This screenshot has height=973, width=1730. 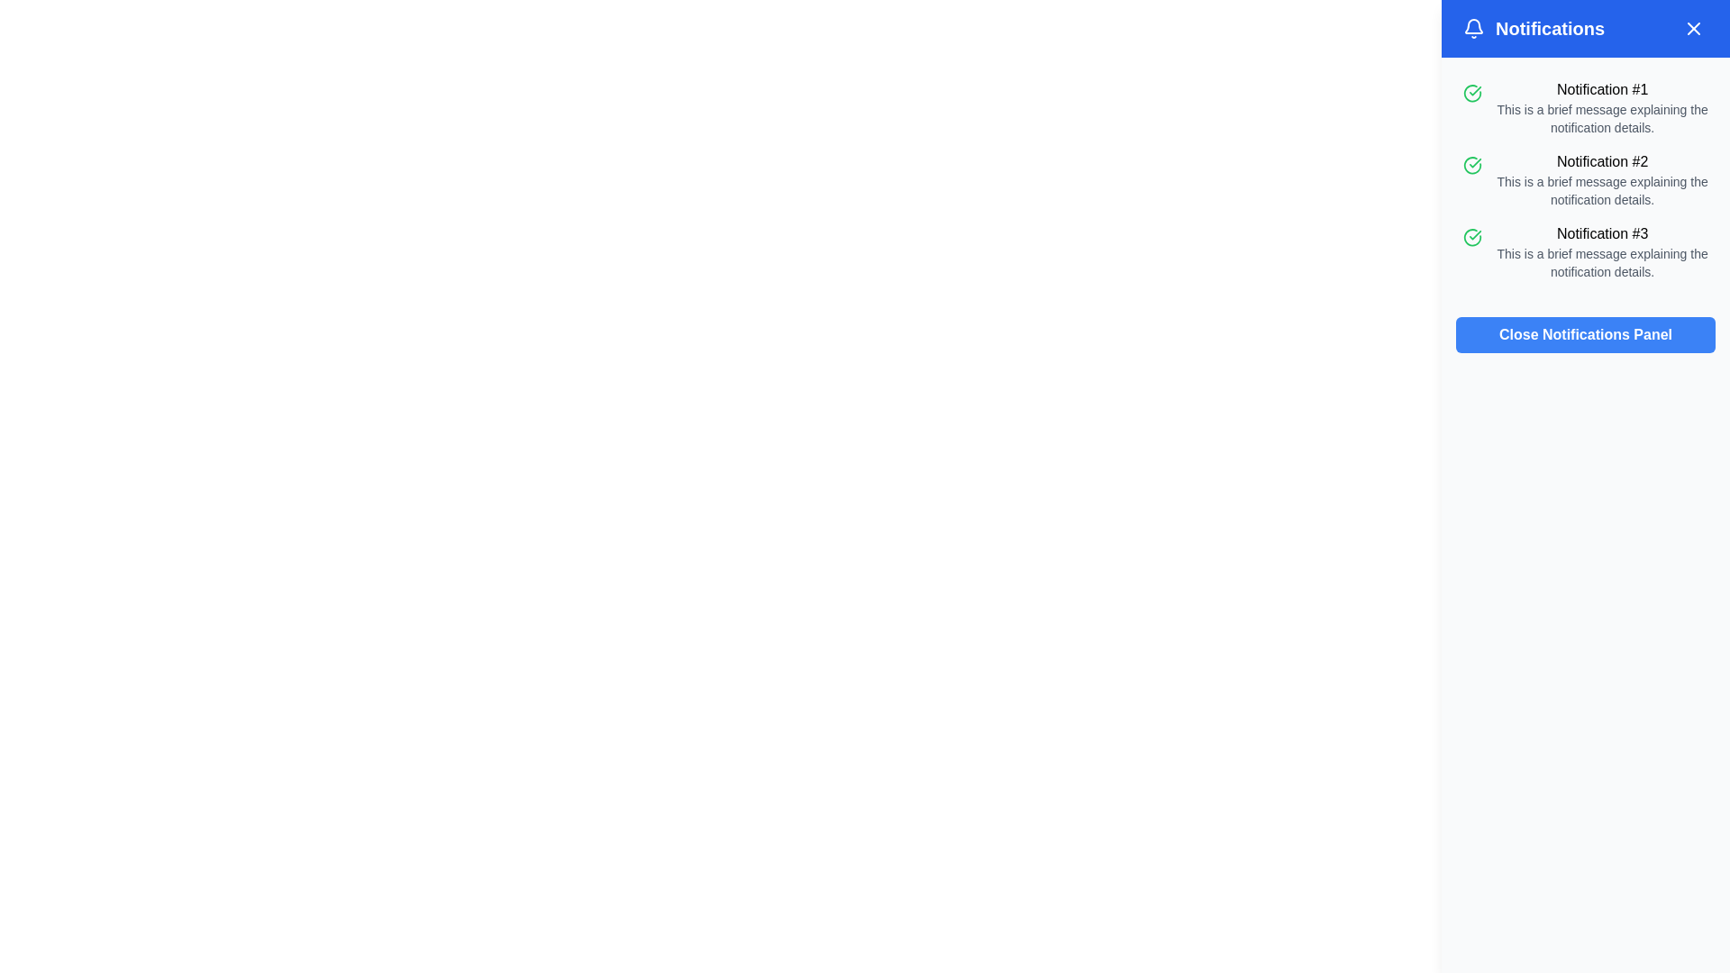 What do you see at coordinates (1602, 162) in the screenshot?
I see `the text 'Notification #2' displayed in bold styling, which is the title for a notification item in the notification center panel` at bounding box center [1602, 162].